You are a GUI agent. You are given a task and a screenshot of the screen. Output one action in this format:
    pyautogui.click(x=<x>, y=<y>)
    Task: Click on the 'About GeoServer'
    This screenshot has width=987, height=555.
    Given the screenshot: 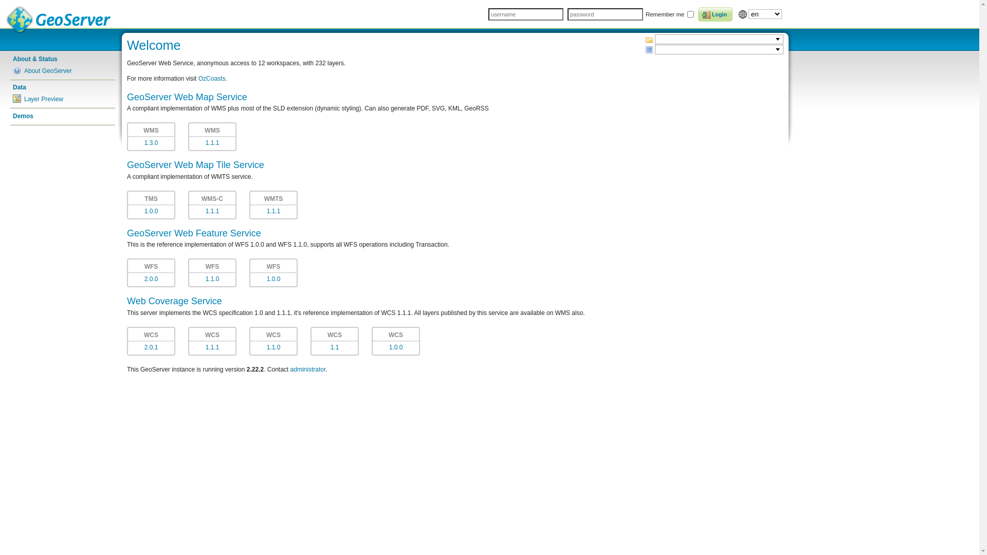 What is the action you would take?
    pyautogui.click(x=62, y=70)
    